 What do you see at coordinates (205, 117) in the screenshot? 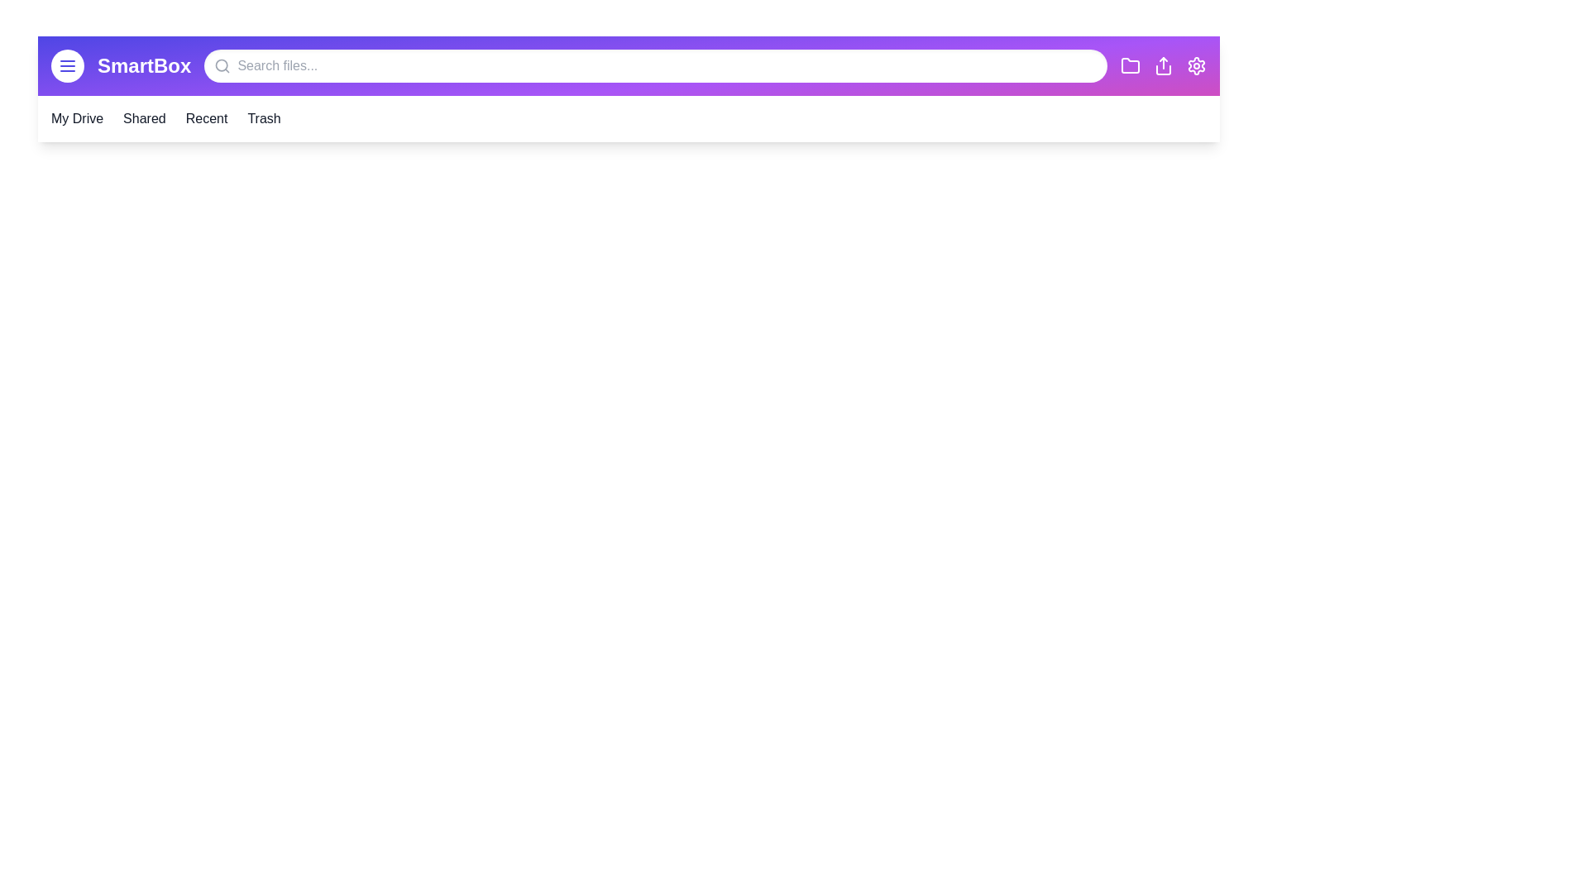
I see `the 'Recent' section to navigate to it` at bounding box center [205, 117].